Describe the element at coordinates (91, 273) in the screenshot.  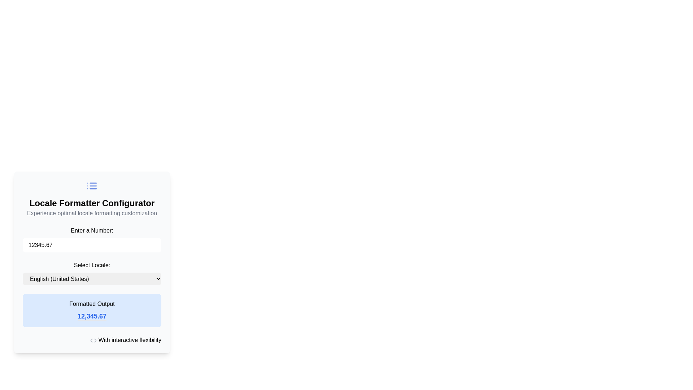
I see `an option from the dropdown menu labeled 'Select Locale:' which currently shows 'English (United States)'` at that location.